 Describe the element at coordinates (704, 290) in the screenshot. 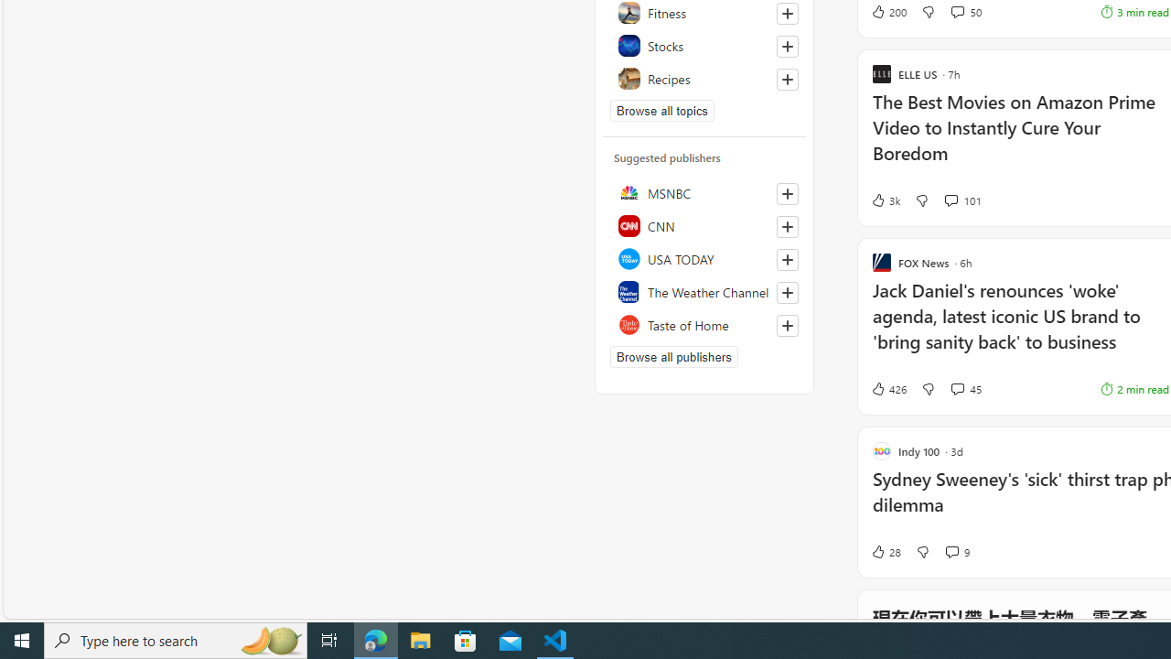

I see `'The Weather Channel'` at that location.